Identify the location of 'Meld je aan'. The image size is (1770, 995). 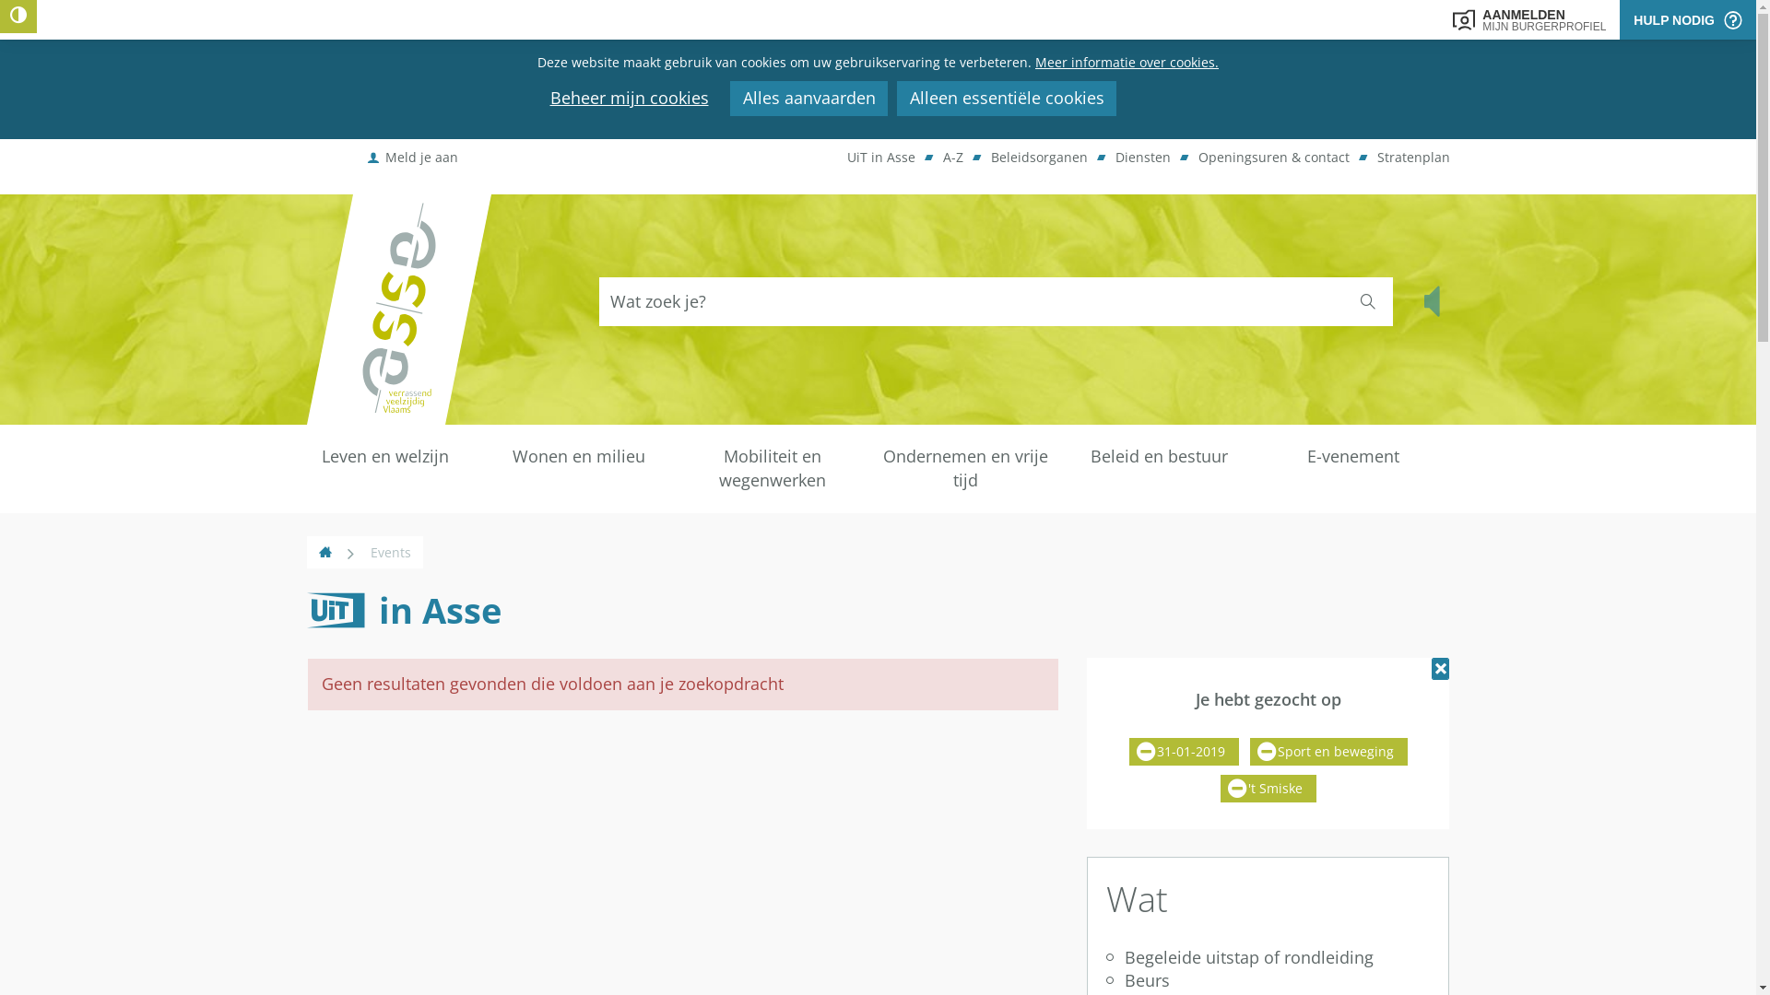
(414, 157).